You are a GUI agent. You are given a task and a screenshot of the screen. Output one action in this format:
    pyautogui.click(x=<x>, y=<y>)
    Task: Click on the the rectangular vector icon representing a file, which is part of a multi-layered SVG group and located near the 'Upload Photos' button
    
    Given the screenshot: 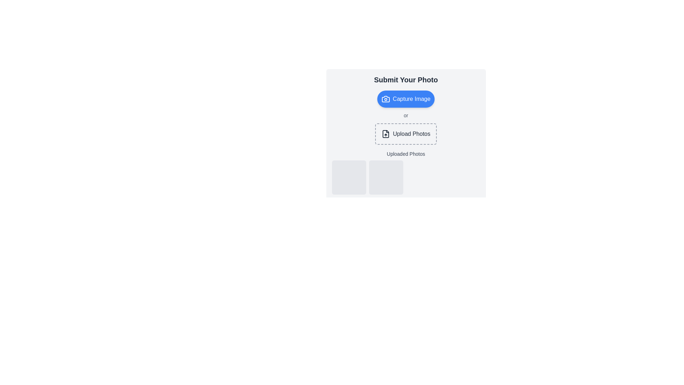 What is the action you would take?
    pyautogui.click(x=385, y=134)
    